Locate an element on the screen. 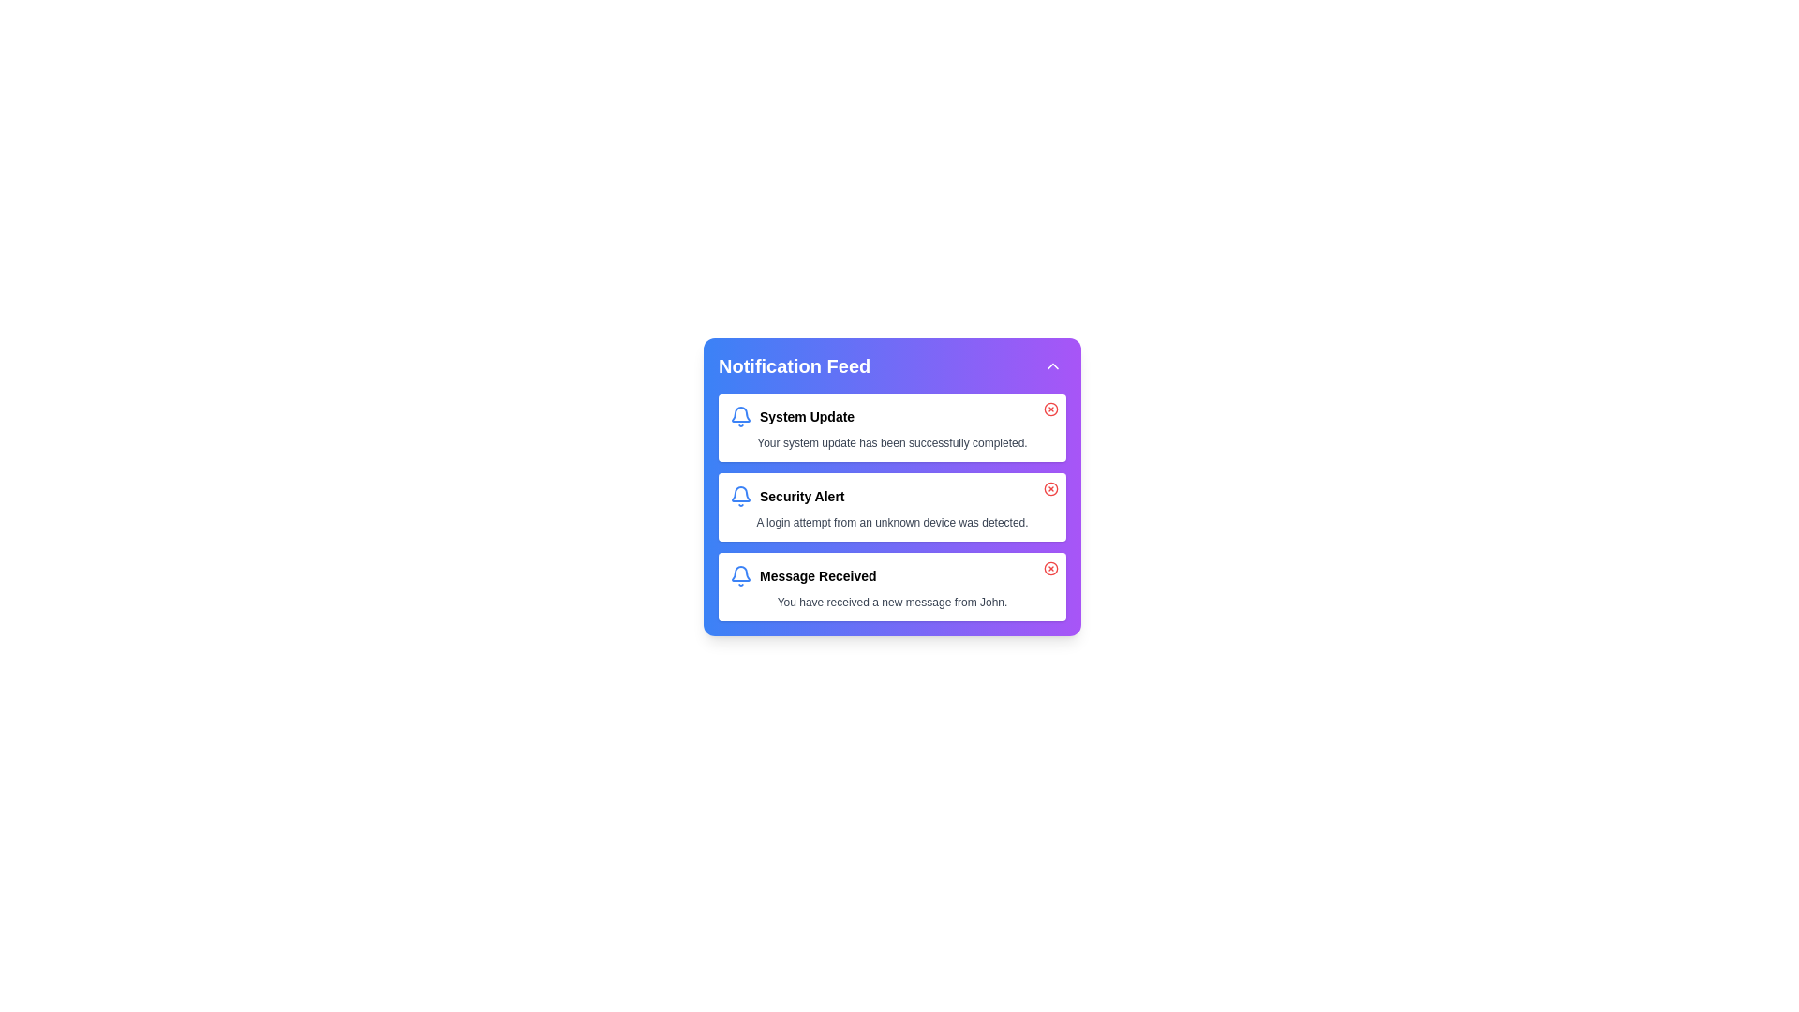  the 'Message Received' text label is located at coordinates (818, 574).